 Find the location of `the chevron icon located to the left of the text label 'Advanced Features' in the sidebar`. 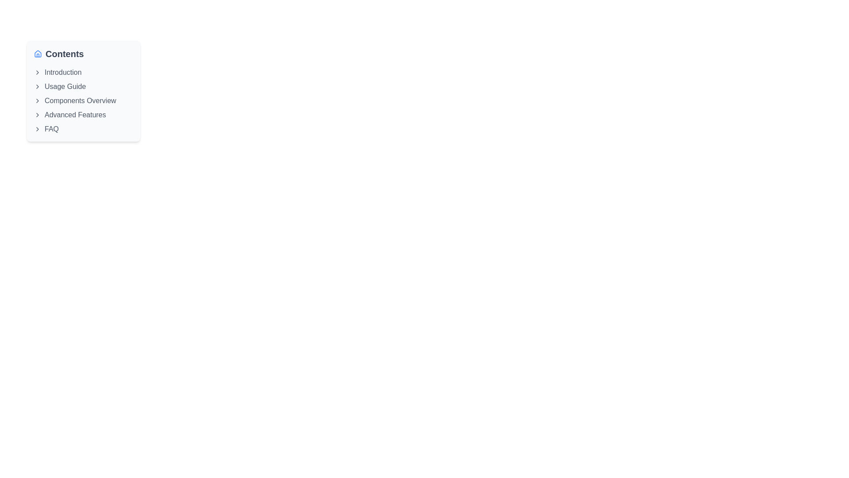

the chevron icon located to the left of the text label 'Advanced Features' in the sidebar is located at coordinates (37, 114).